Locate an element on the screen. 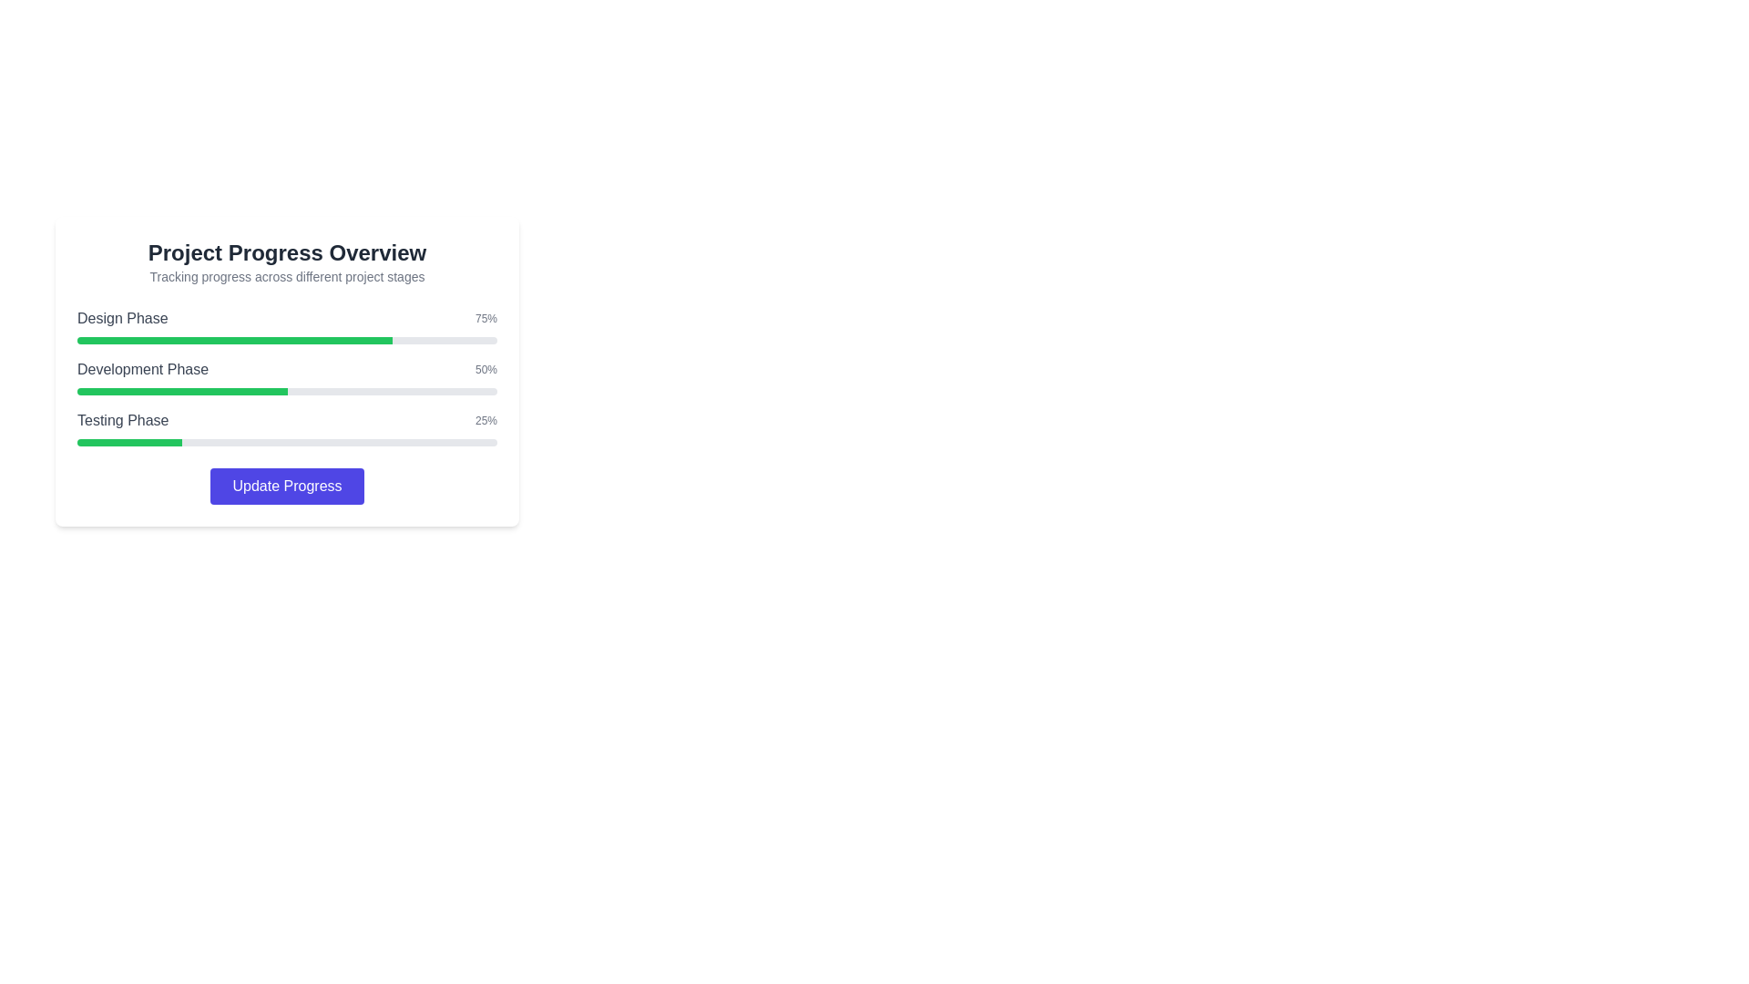 This screenshot has width=1749, height=984. the informational text displaying the percentage completion of the 'Development Phase' located in the second row of the progress overview, aligned with the 'Development Phase' label is located at coordinates (486, 369).